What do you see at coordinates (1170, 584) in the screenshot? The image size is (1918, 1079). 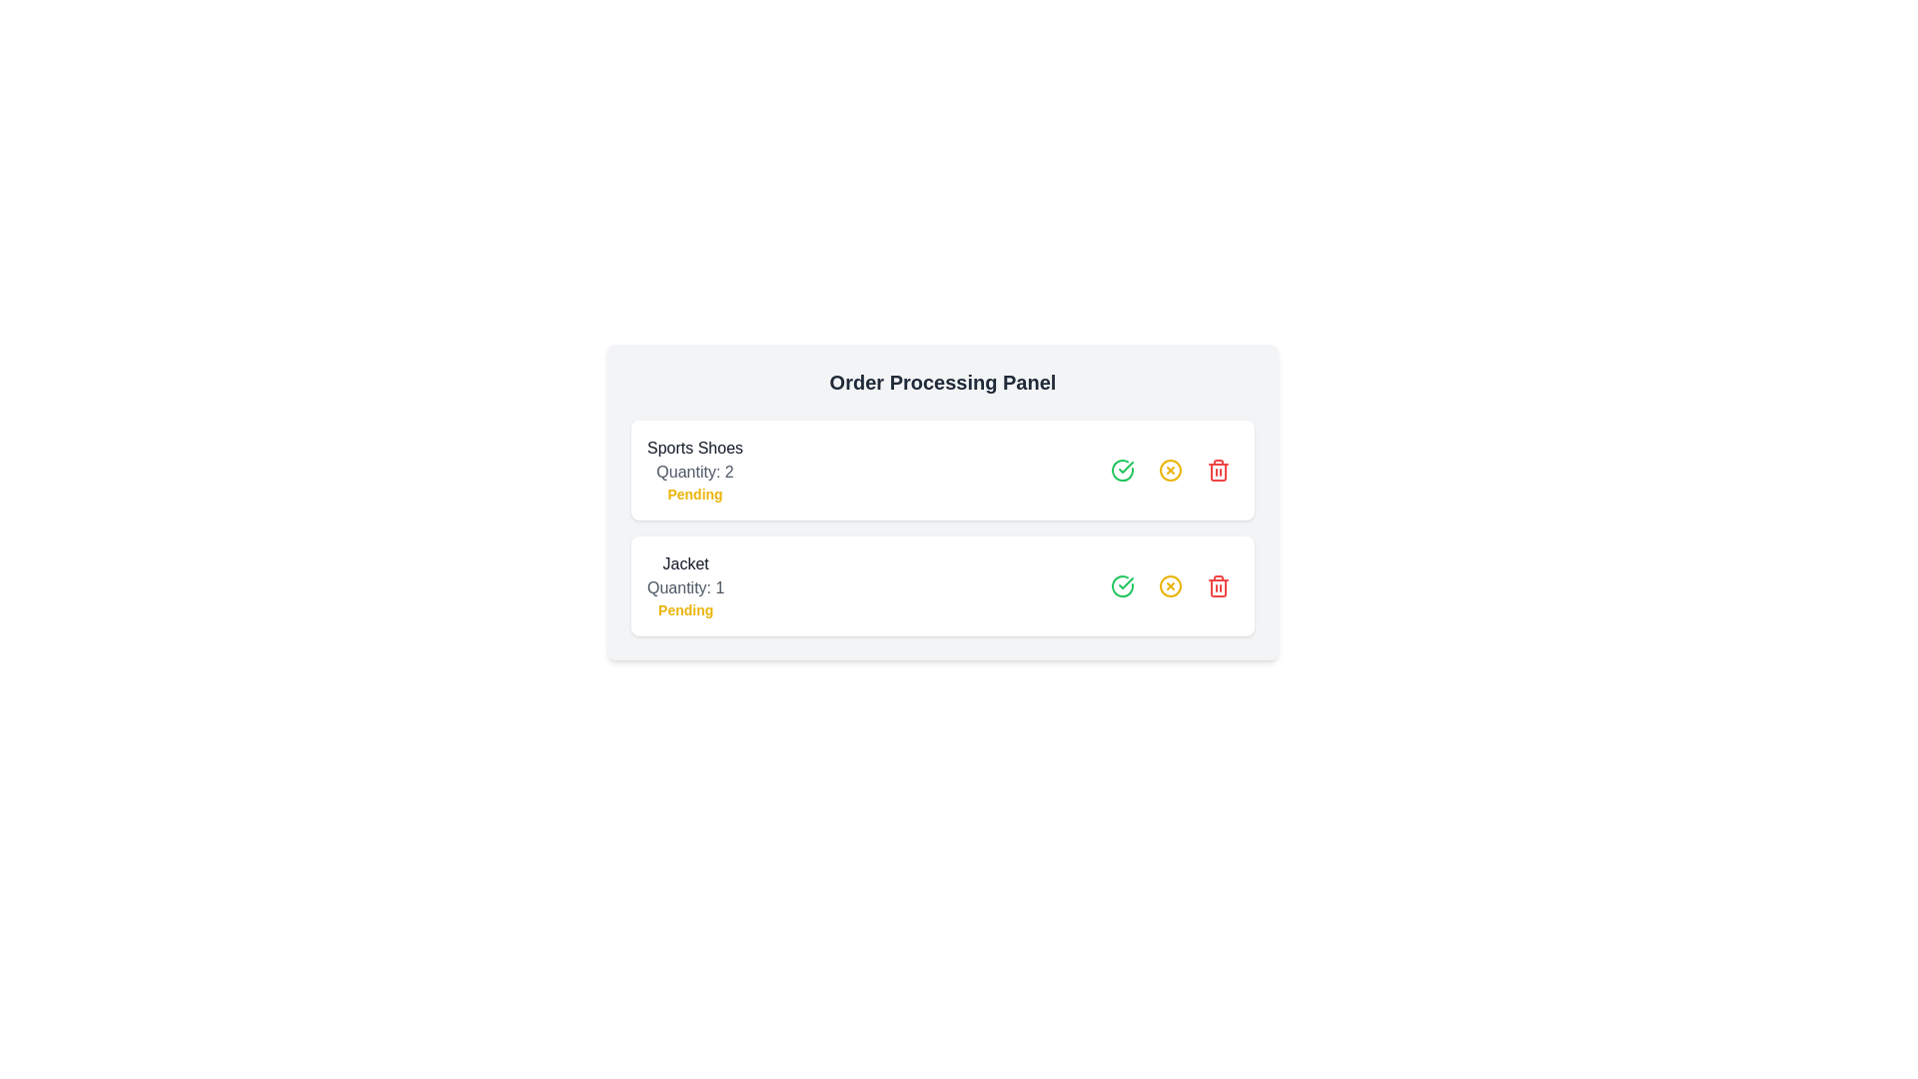 I see `the cancellation button icon located in the second row of order information, slightly to the left of the trash bin icon and adjacent to the 'approve' icon` at bounding box center [1170, 584].